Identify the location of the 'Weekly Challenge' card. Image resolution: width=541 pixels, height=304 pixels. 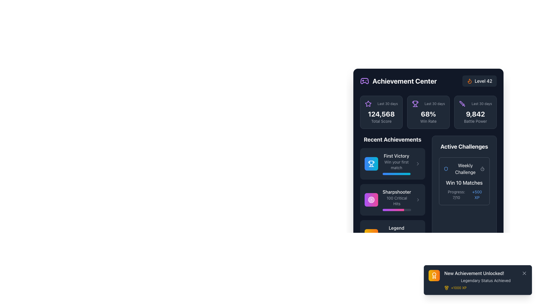
(464, 181).